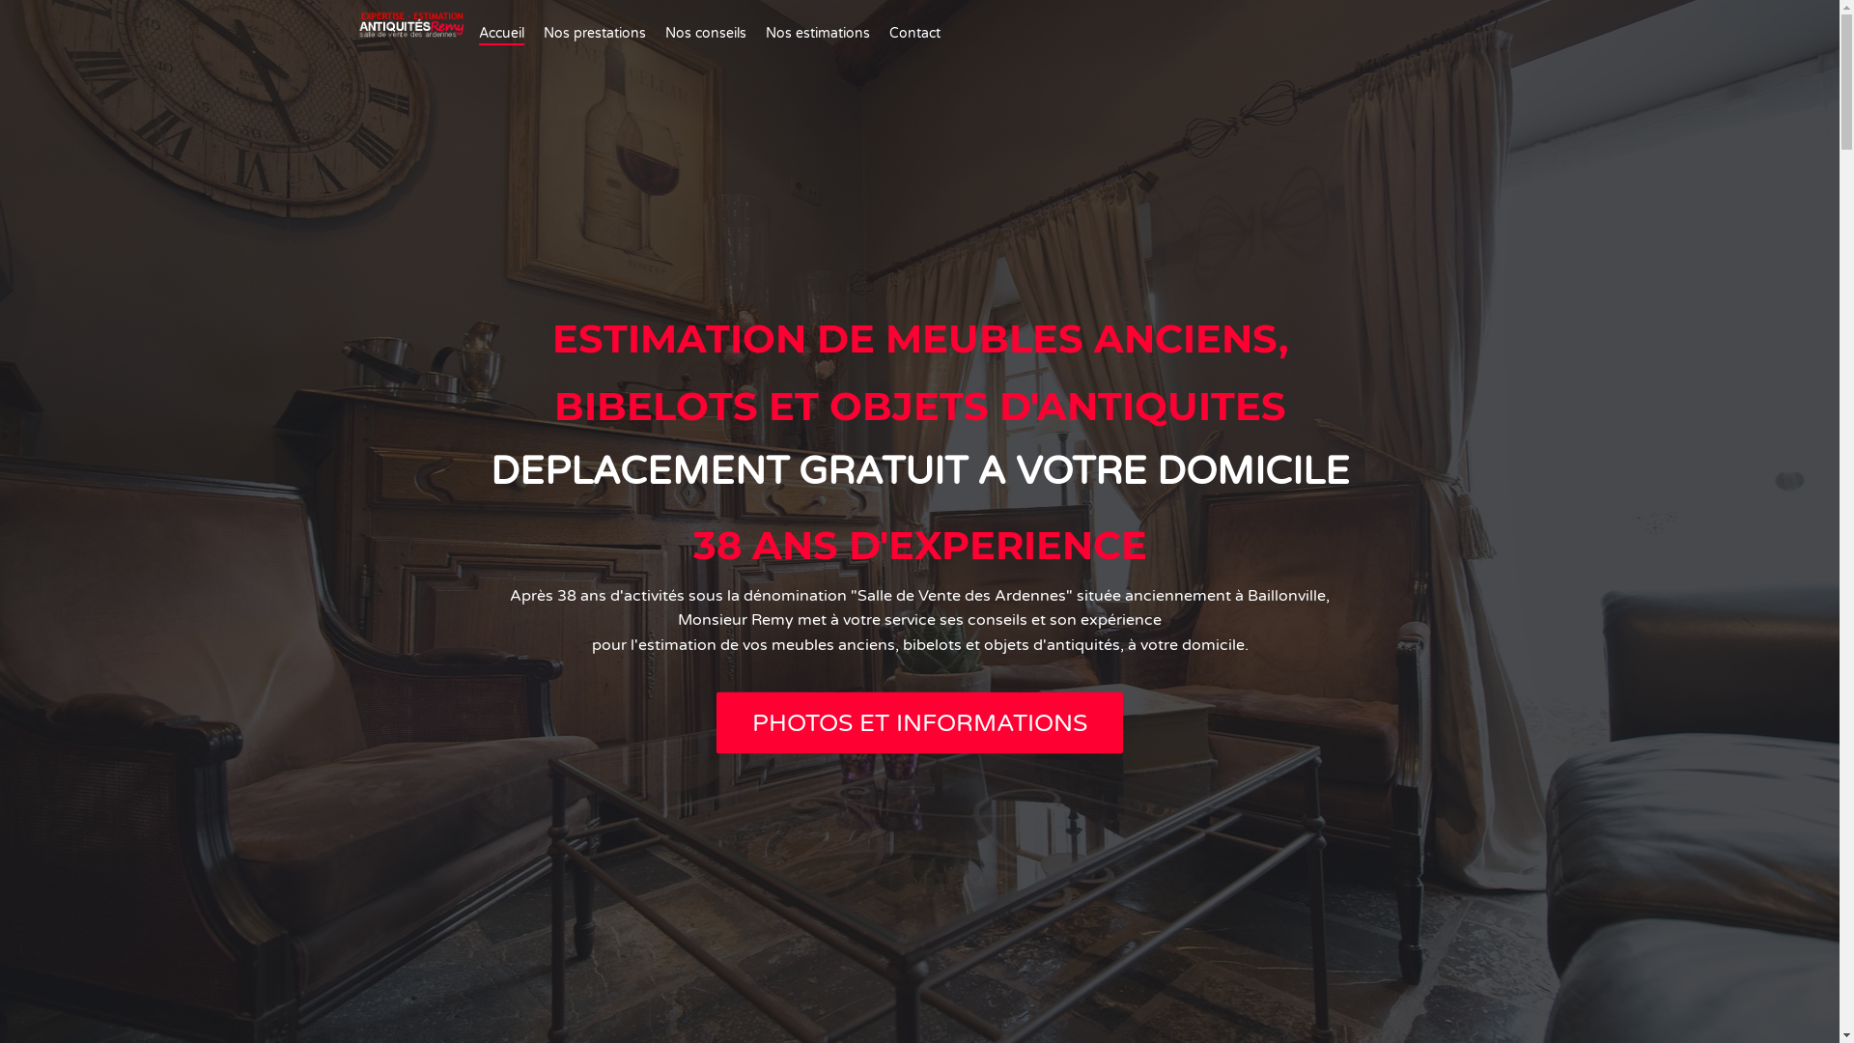 This screenshot has width=1854, height=1043. What do you see at coordinates (817, 34) in the screenshot?
I see `'Nos estimations'` at bounding box center [817, 34].